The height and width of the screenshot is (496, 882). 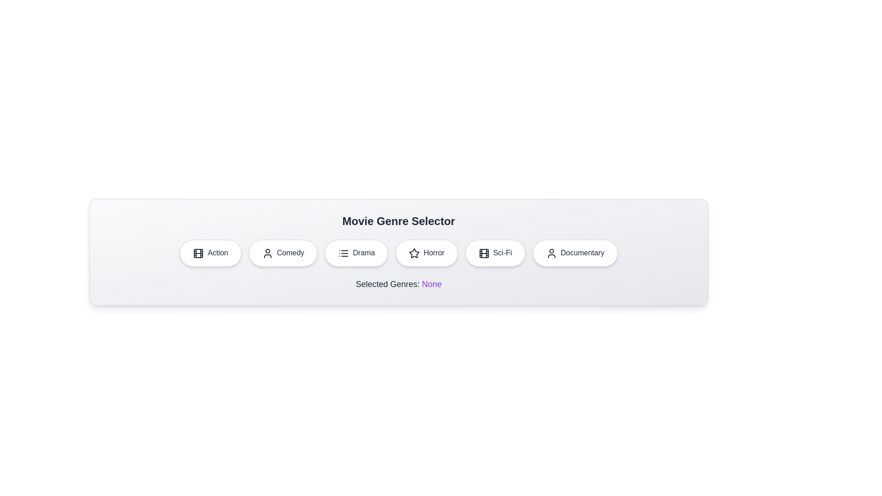 What do you see at coordinates (399, 221) in the screenshot?
I see `the prominent header text labeled 'Movie Genre Selector', which is displayed in bold and centered format above the genre selection buttons` at bounding box center [399, 221].